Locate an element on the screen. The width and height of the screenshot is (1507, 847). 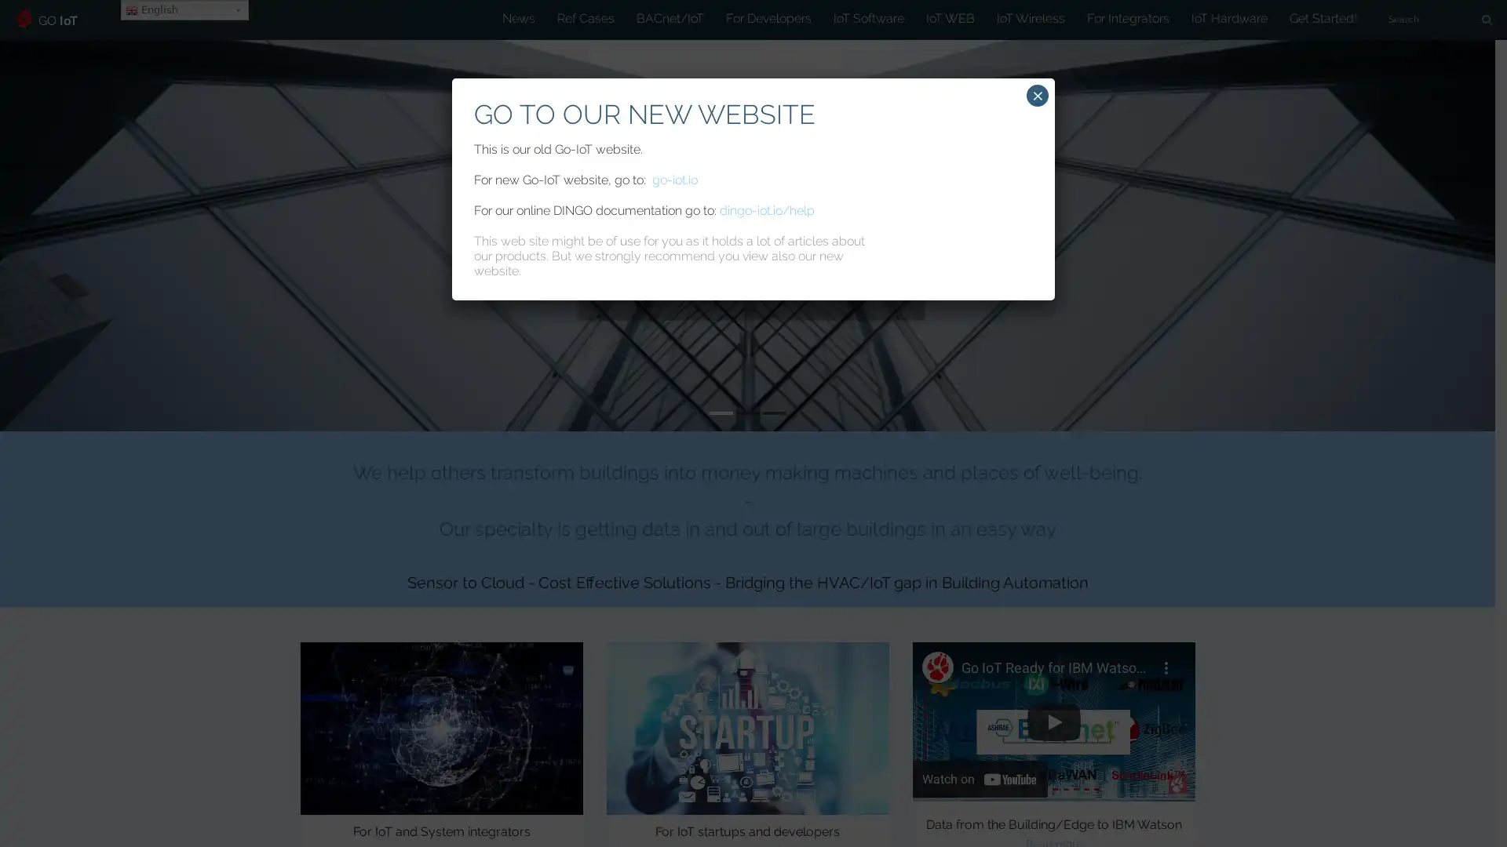
Close is located at coordinates (1037, 96).